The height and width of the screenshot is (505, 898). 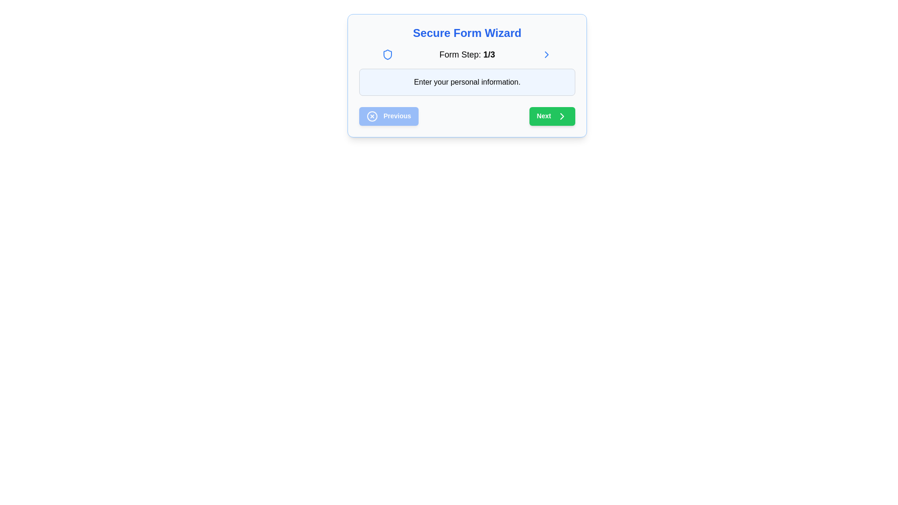 I want to click on the text label that displays 'Enter your personal information.' within the light-blue rectangular section, so click(x=467, y=82).